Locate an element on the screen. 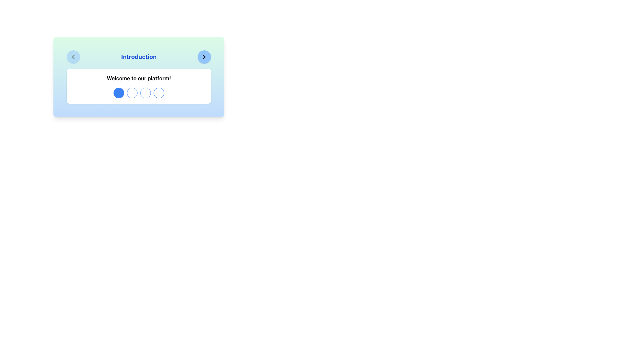 The width and height of the screenshot is (641, 360). the circular button with a white background and blue border, which is the third in a set of four similar icons, to get more information is located at coordinates (145, 93).